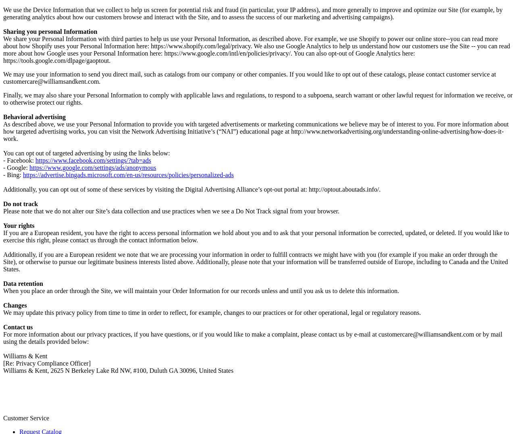  I want to click on 'https://www.facebook.com/settings/?tab=ads', so click(93, 159).